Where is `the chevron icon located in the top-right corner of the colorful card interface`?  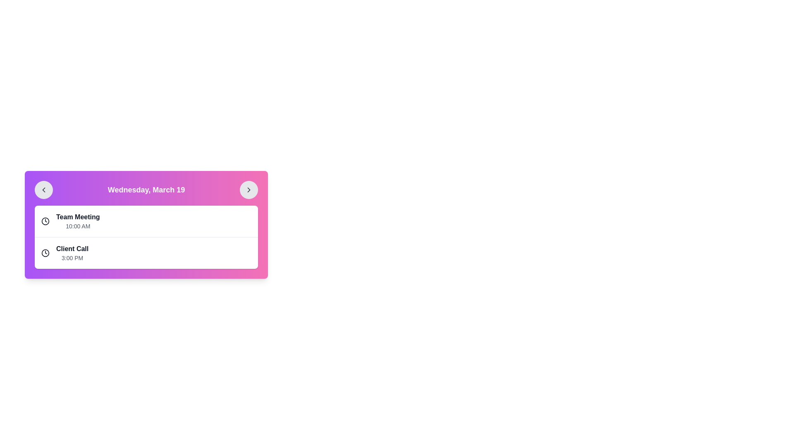
the chevron icon located in the top-right corner of the colorful card interface is located at coordinates (248, 190).